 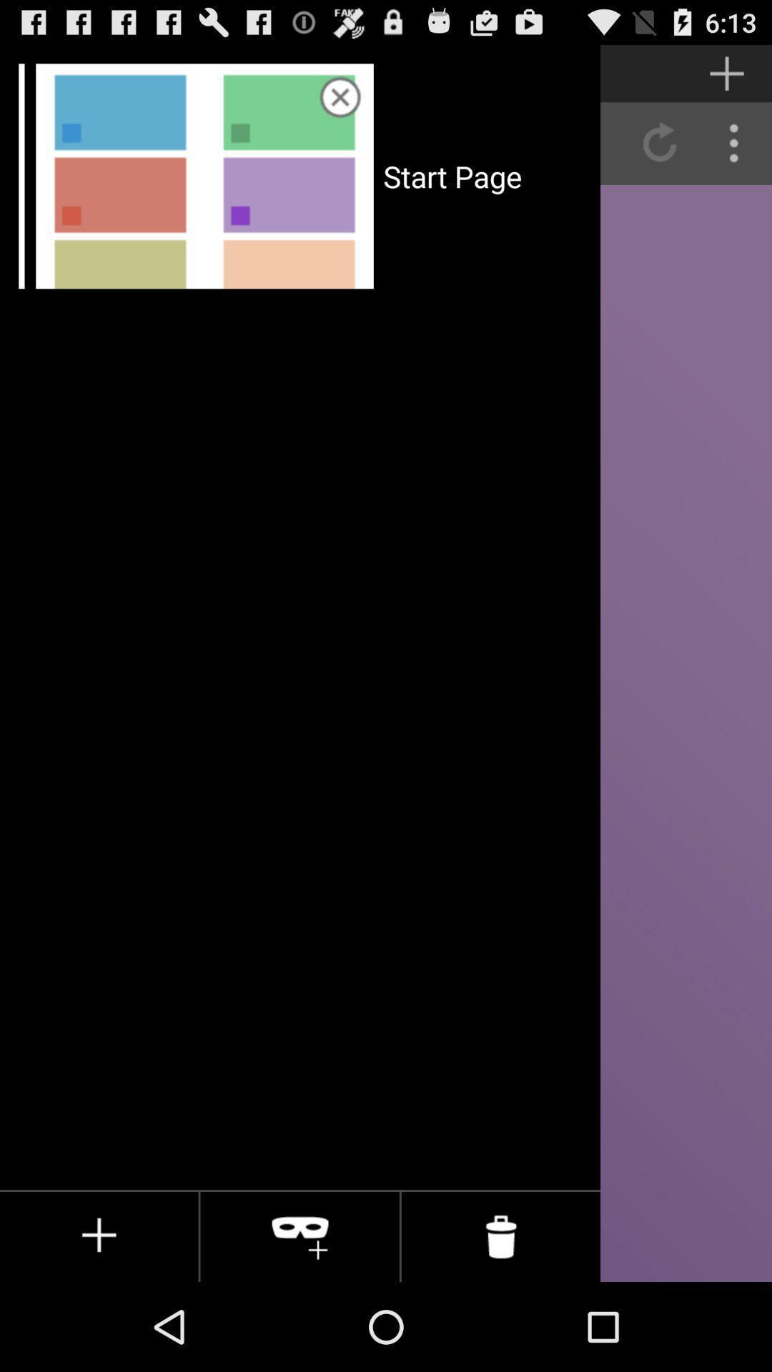 I want to click on the add icon, so click(x=727, y=78).